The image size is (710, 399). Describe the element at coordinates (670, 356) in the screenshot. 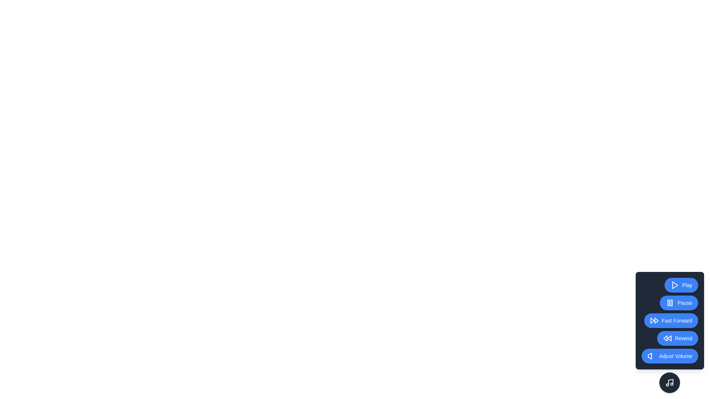

I see `the Adjust Volume button to activate the corresponding playback control` at that location.